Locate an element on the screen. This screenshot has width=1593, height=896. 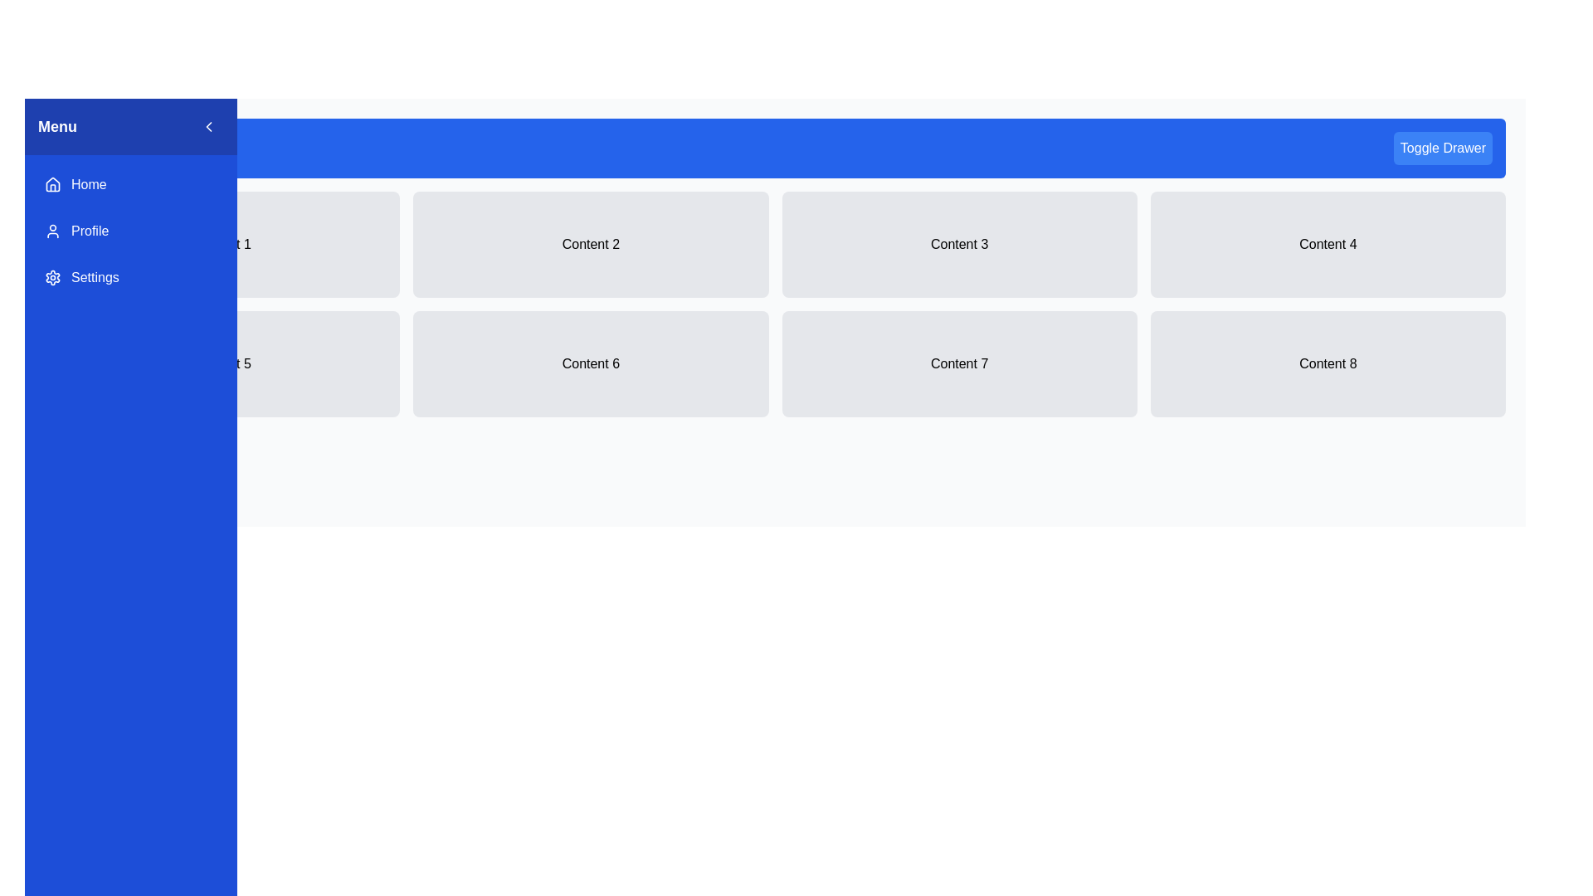
the Icon button located in the top-right corner of the sidebar, next to the 'Menu' title, to receive visual feedback is located at coordinates (208, 126).